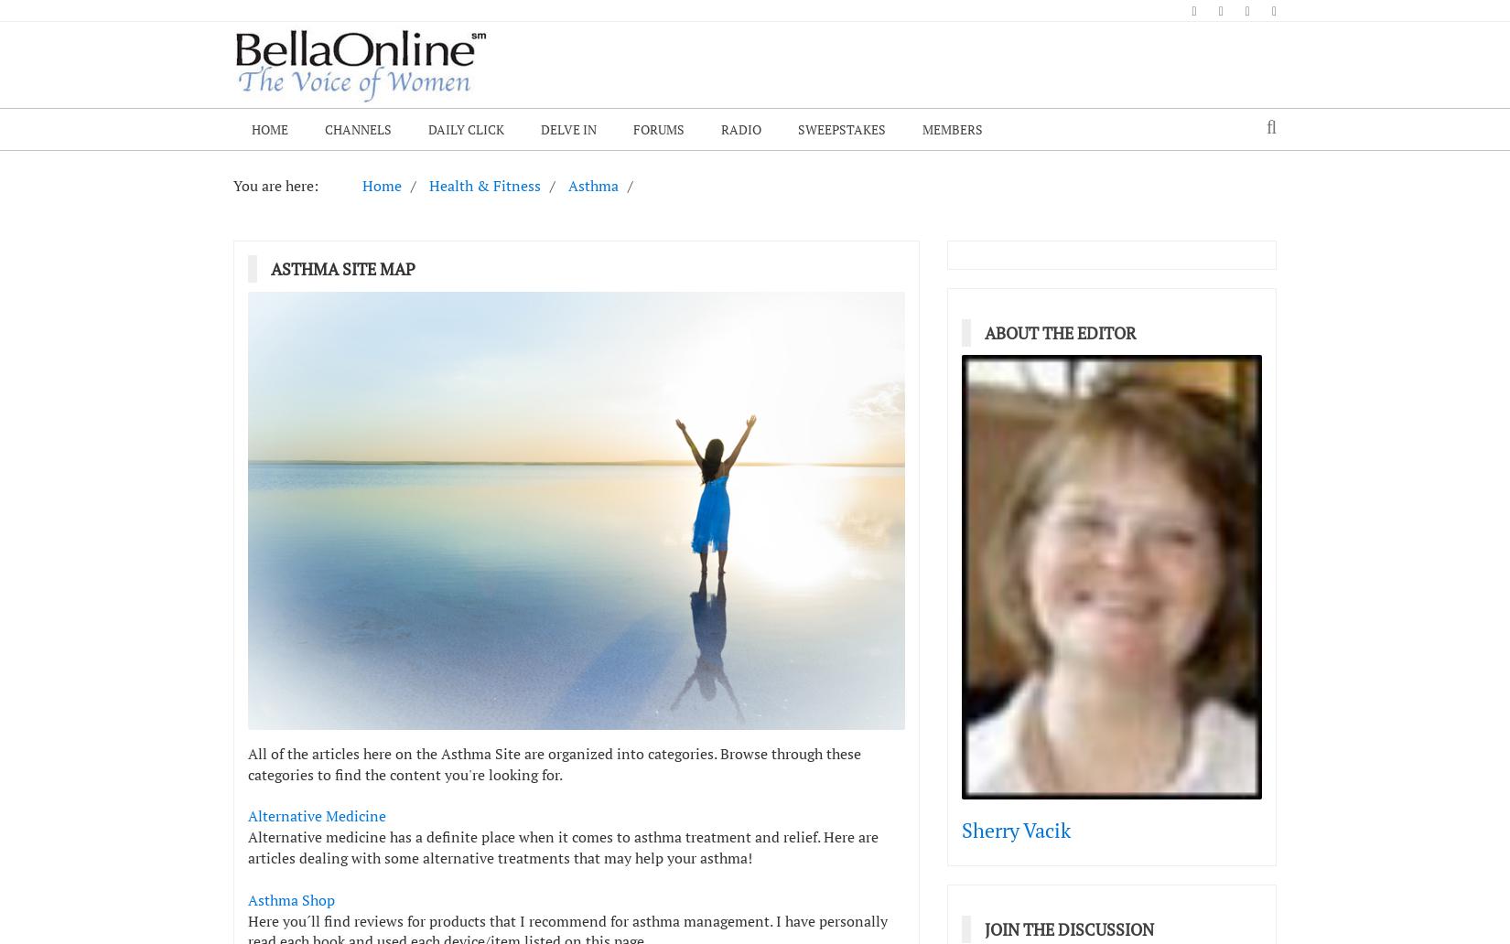 The width and height of the screenshot is (1510, 944). What do you see at coordinates (562, 846) in the screenshot?
I see `'Alternative medicine has a definite place when it comes to asthma treatment and relief. Here are articles dealing with some alternative treatments that may help your asthma!'` at bounding box center [562, 846].